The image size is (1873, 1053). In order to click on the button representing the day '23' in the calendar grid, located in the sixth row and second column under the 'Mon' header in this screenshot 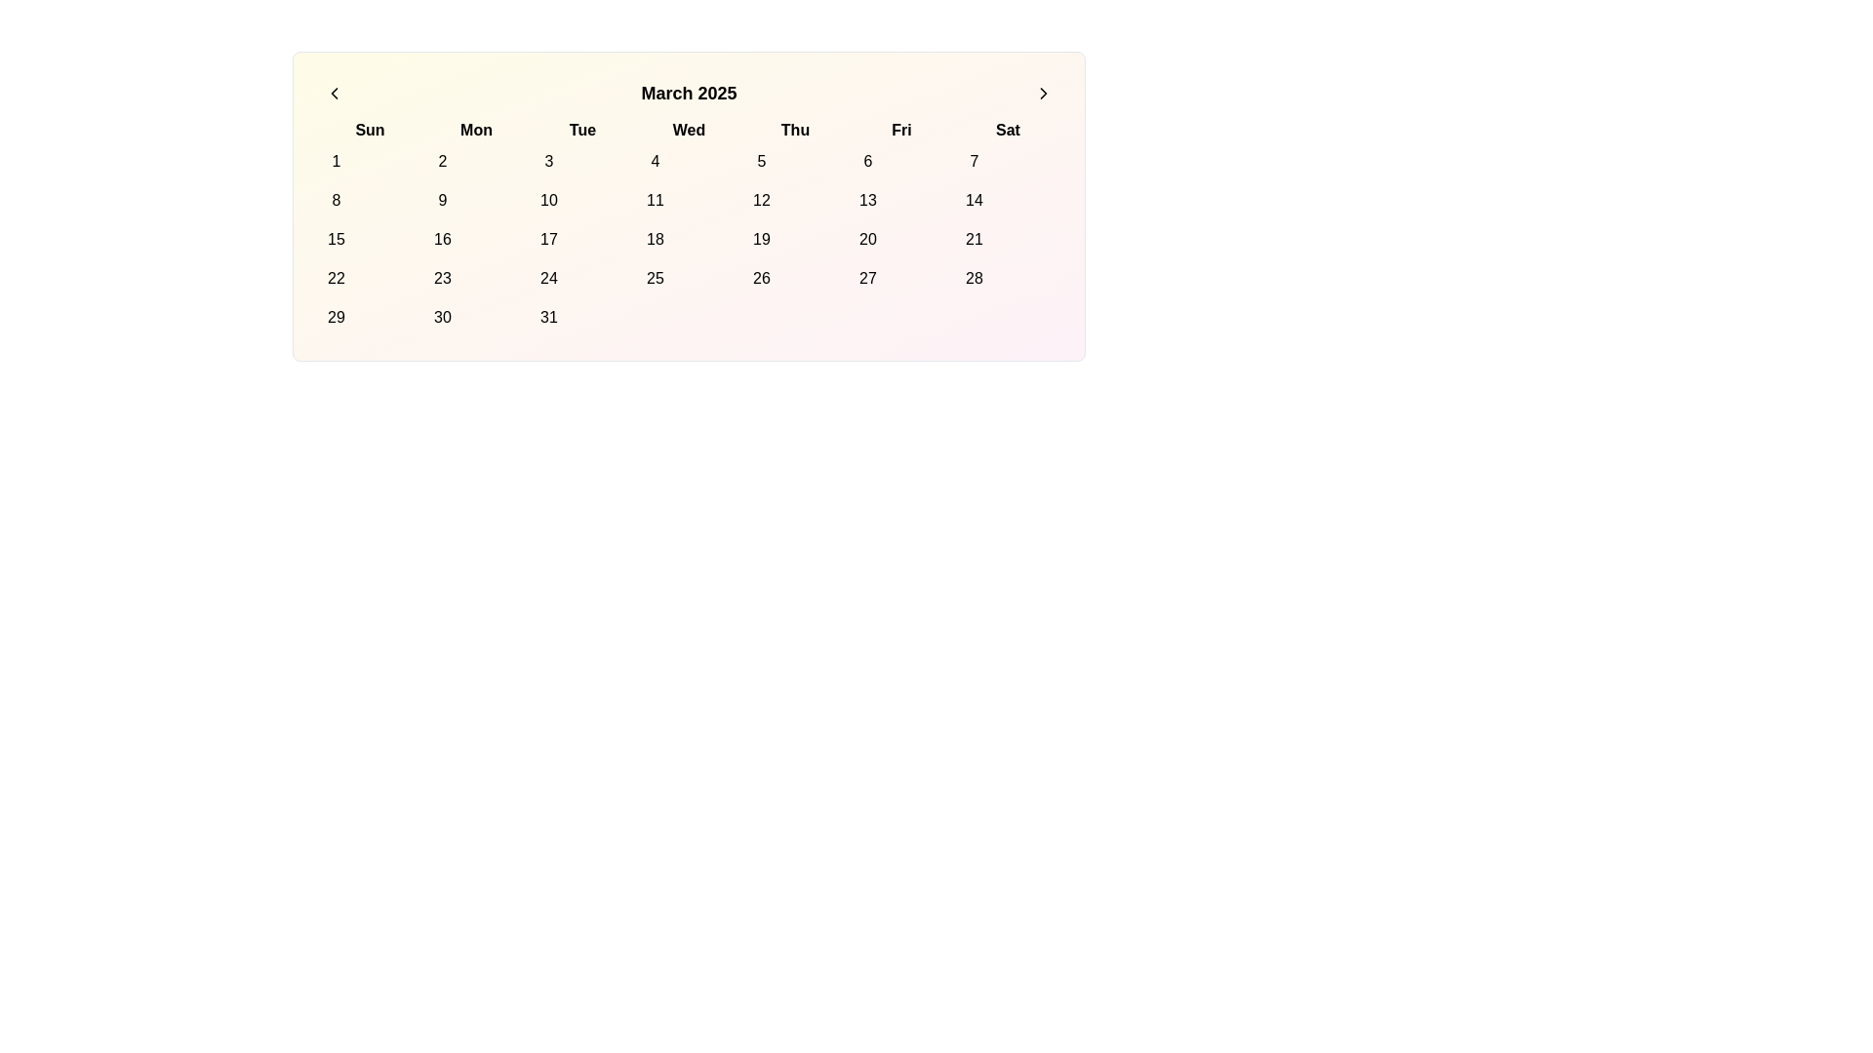, I will do `click(442, 278)`.